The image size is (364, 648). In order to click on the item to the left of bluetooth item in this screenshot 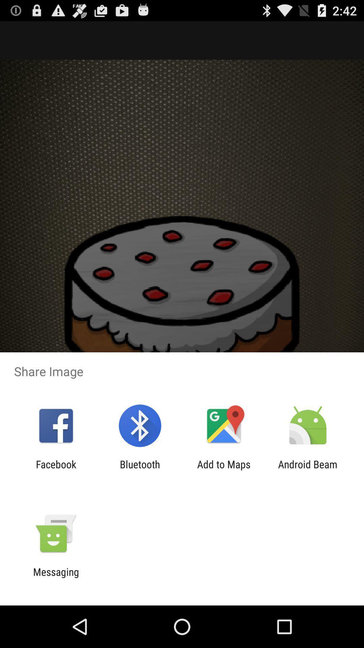, I will do `click(56, 470)`.